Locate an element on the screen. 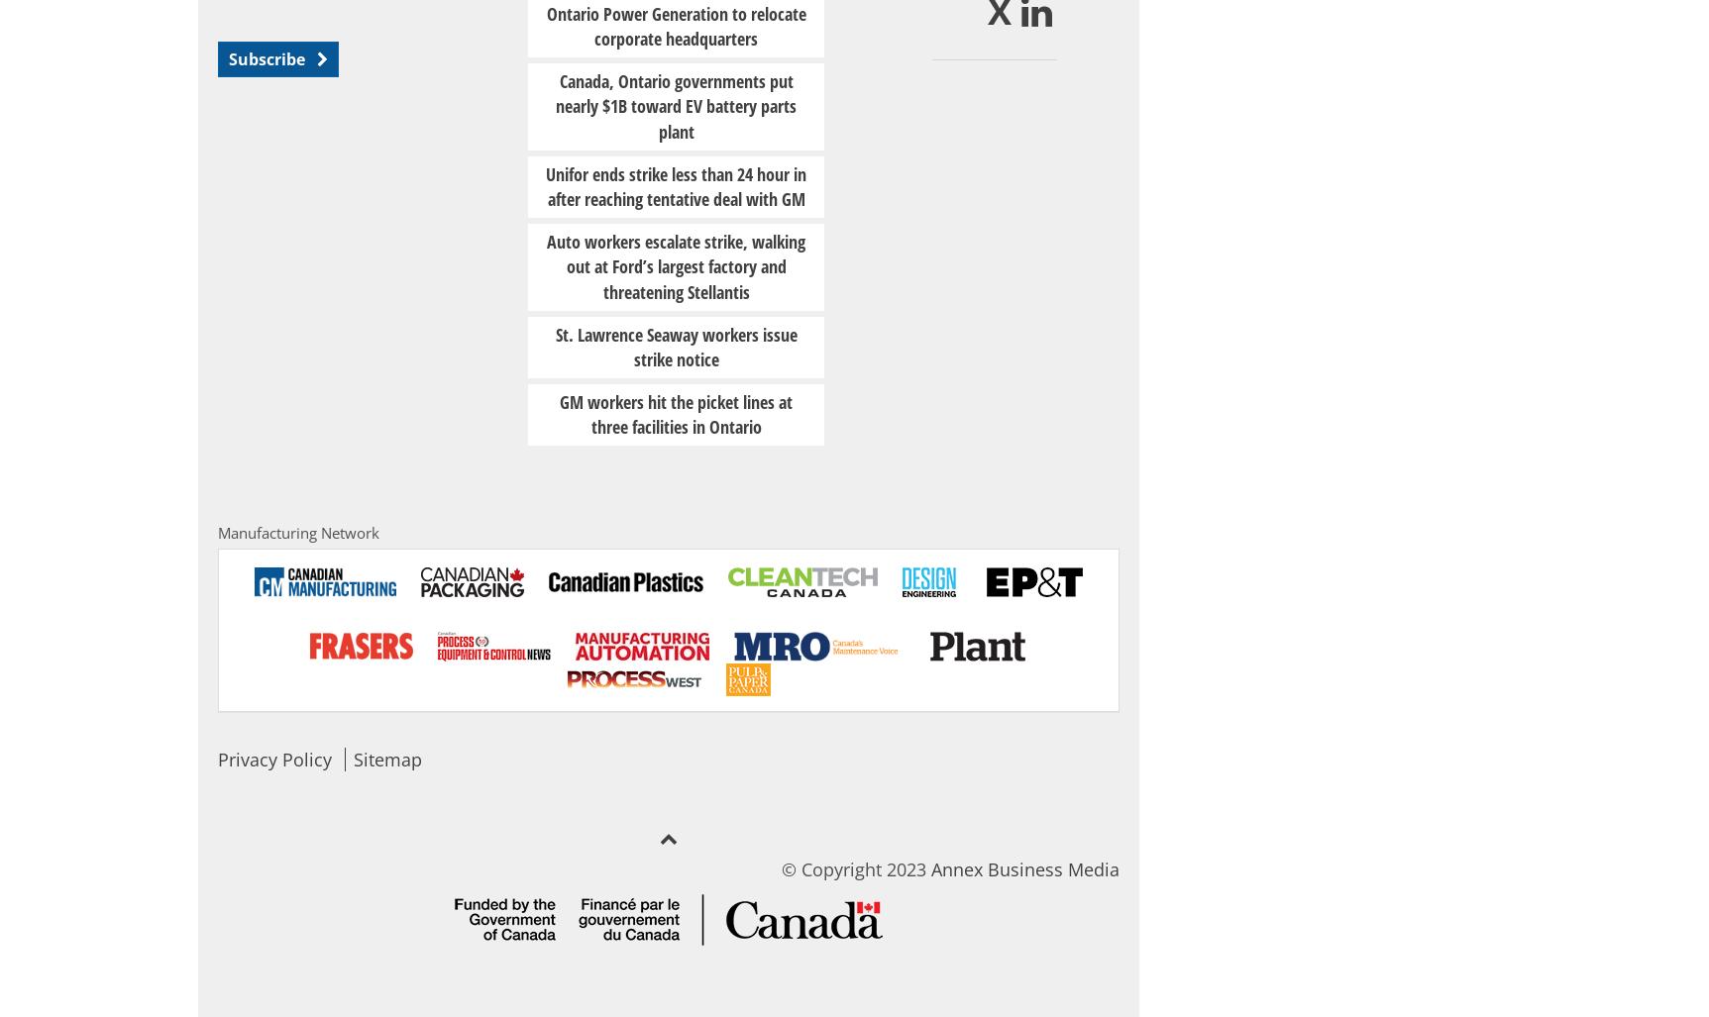  'Manufacturing Network' is located at coordinates (297, 532).